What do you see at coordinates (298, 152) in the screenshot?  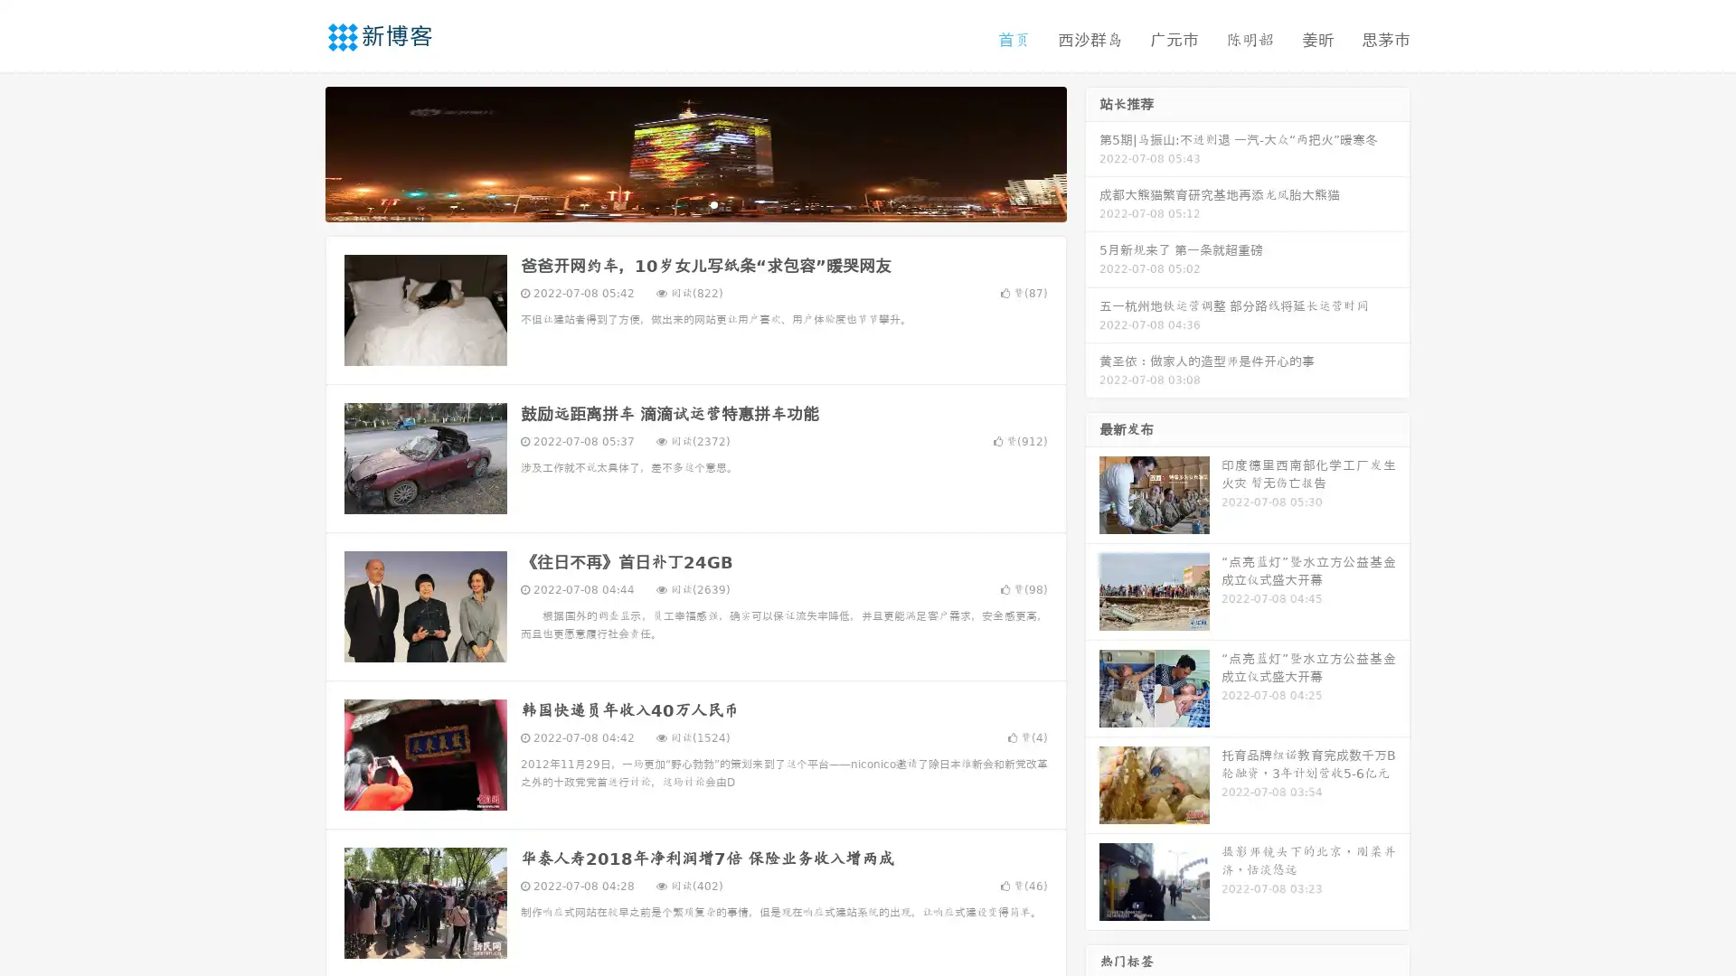 I see `Previous slide` at bounding box center [298, 152].